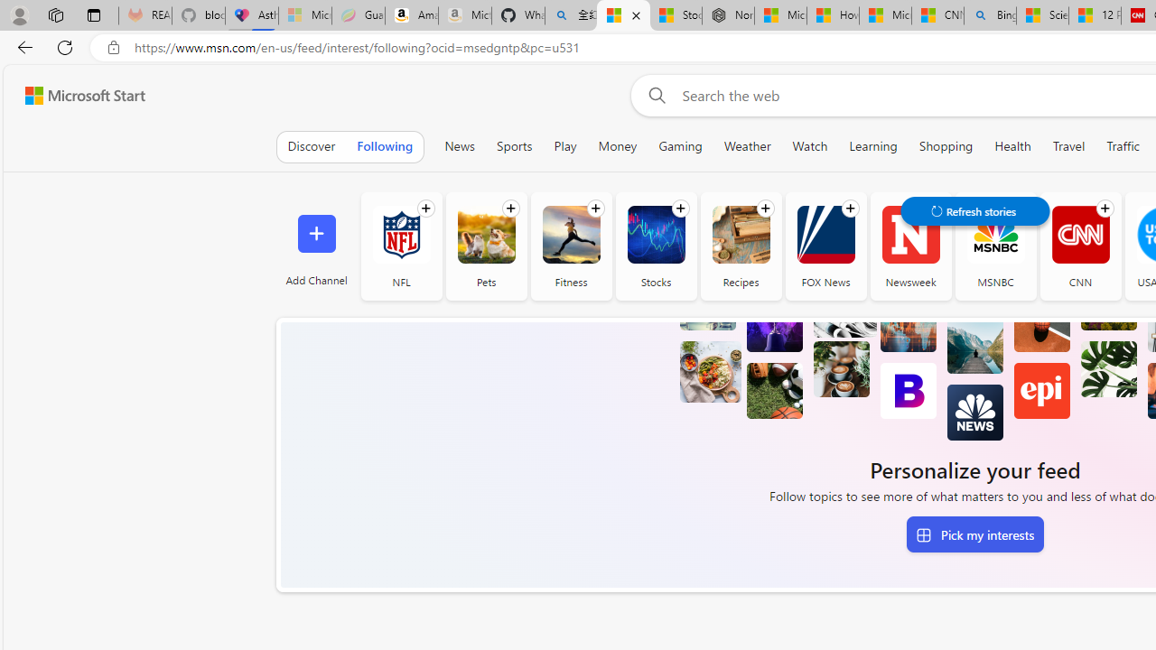 Image resolution: width=1156 pixels, height=650 pixels. Describe the element at coordinates (1069, 145) in the screenshot. I see `'Travel'` at that location.